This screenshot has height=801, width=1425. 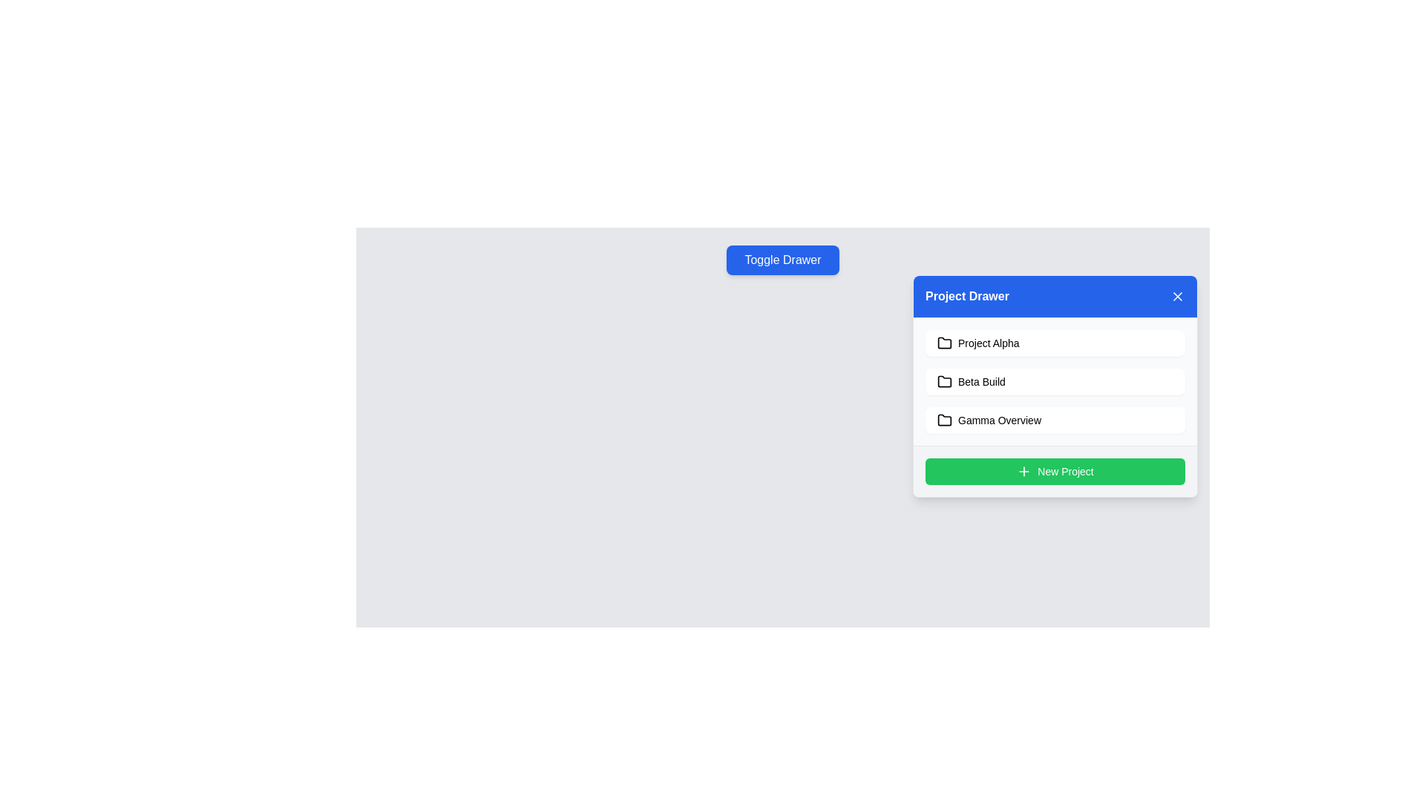 I want to click on the folder icon representing 'Beta Build' located in the 'Project Drawer' panel, which is positioned between 'Project Alpha' and 'Gamma Overview', so click(x=943, y=380).